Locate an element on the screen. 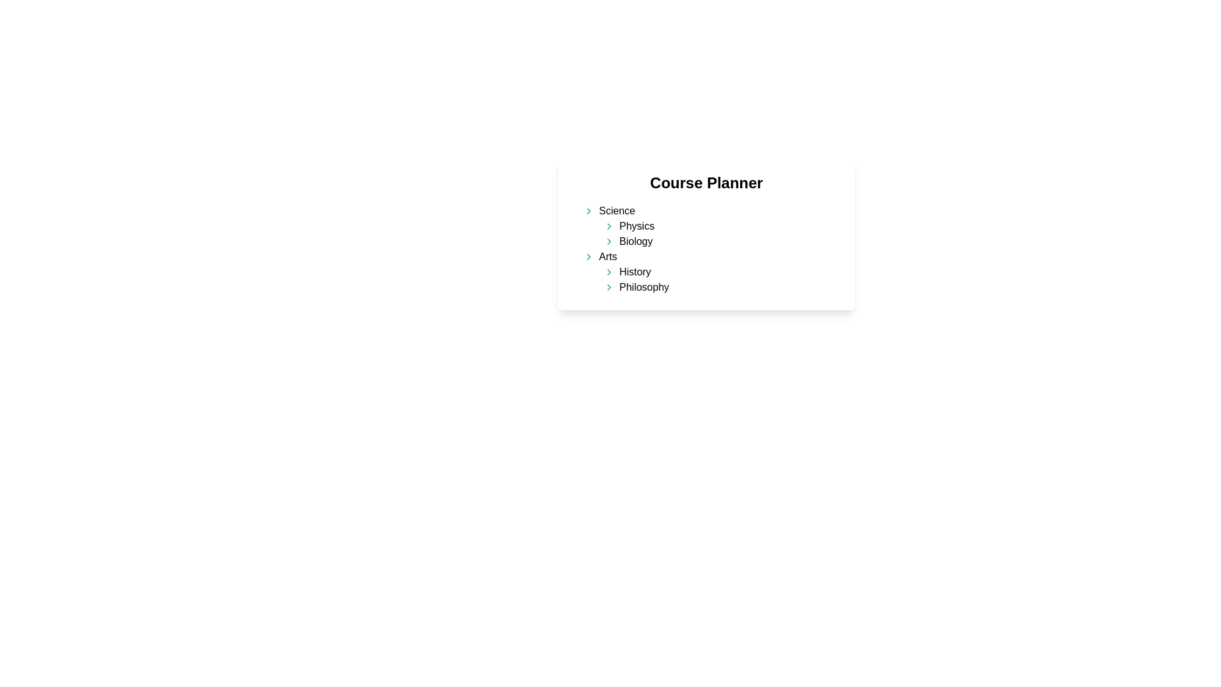 Image resolution: width=1221 pixels, height=687 pixels. the Expand/Collapse Chevron Icon located to the immediate left of the text 'Arts' is located at coordinates (588, 257).